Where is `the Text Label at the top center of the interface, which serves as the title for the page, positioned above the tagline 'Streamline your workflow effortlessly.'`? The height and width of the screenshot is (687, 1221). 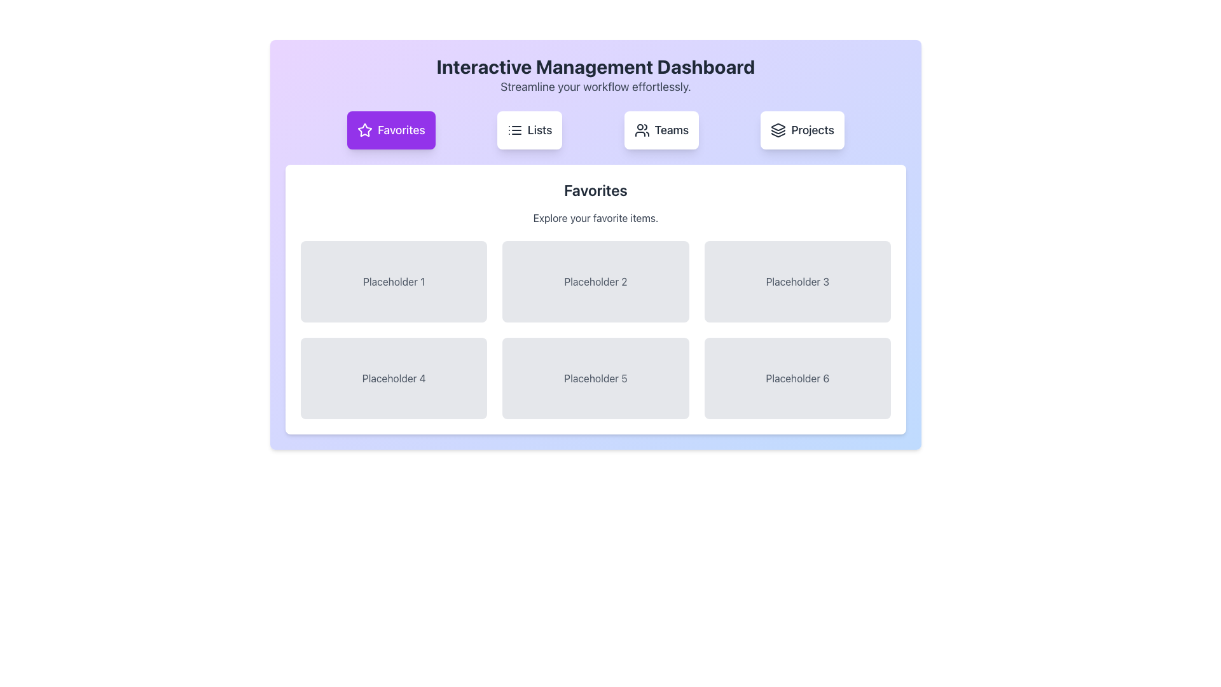
the Text Label at the top center of the interface, which serves as the title for the page, positioned above the tagline 'Streamline your workflow effortlessly.' is located at coordinates (595, 66).